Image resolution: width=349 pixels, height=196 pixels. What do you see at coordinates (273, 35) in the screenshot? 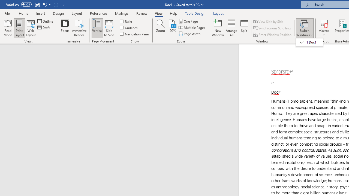
I see `'Reset Window Position'` at bounding box center [273, 35].